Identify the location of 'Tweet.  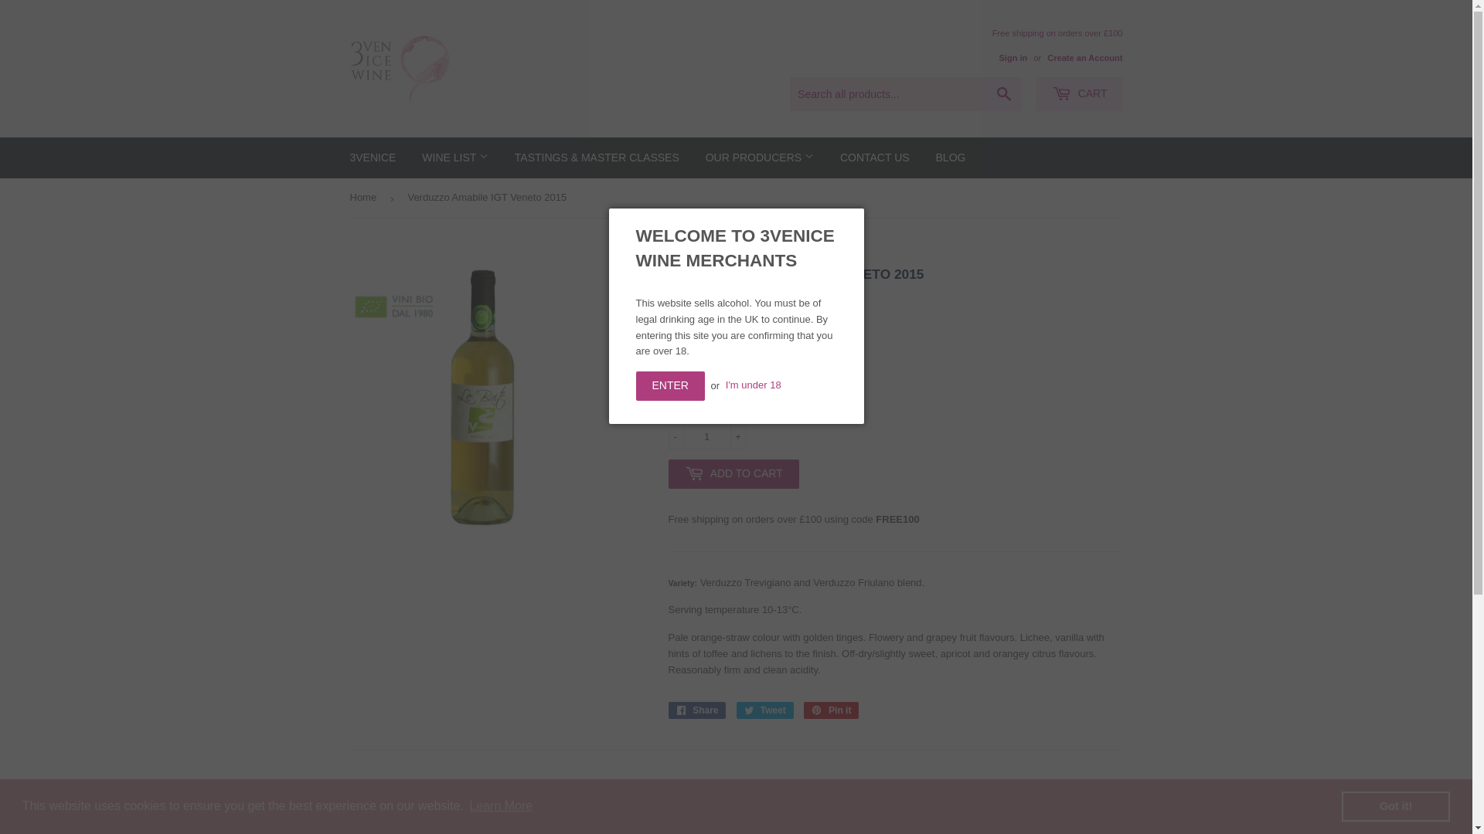
(764, 710).